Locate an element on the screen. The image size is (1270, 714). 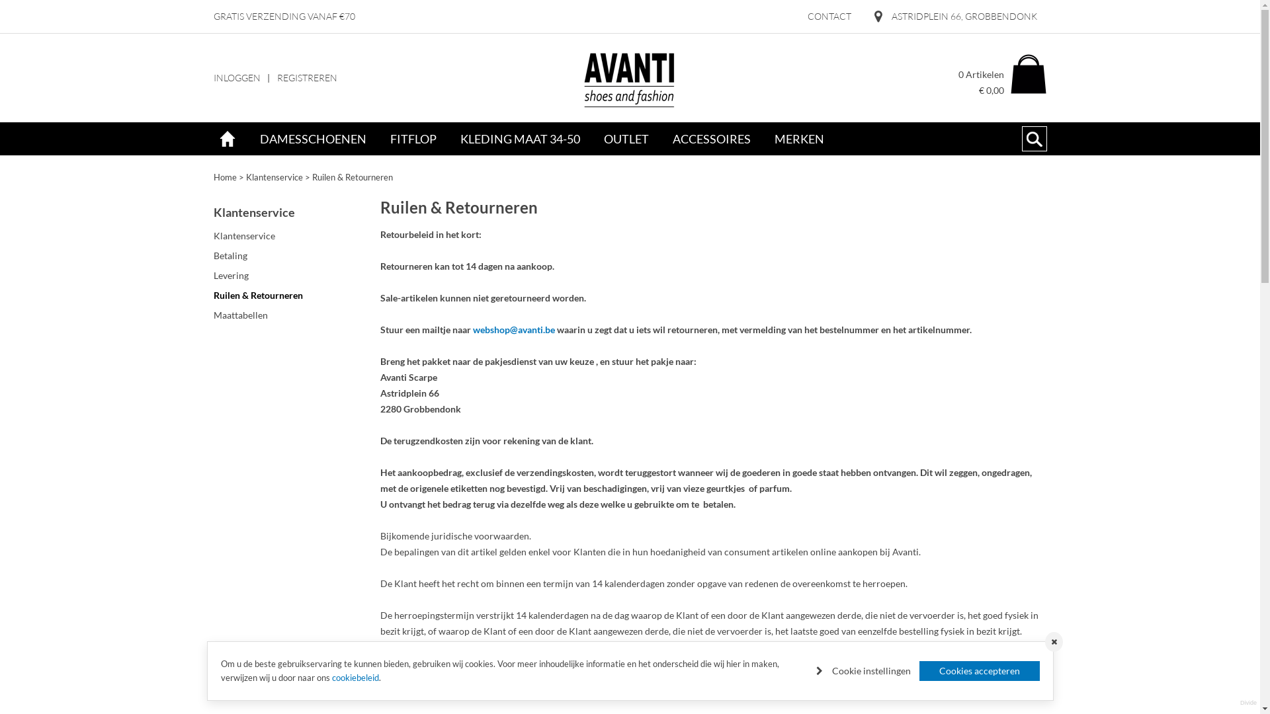
'cookiebeleid' is located at coordinates (332, 678).